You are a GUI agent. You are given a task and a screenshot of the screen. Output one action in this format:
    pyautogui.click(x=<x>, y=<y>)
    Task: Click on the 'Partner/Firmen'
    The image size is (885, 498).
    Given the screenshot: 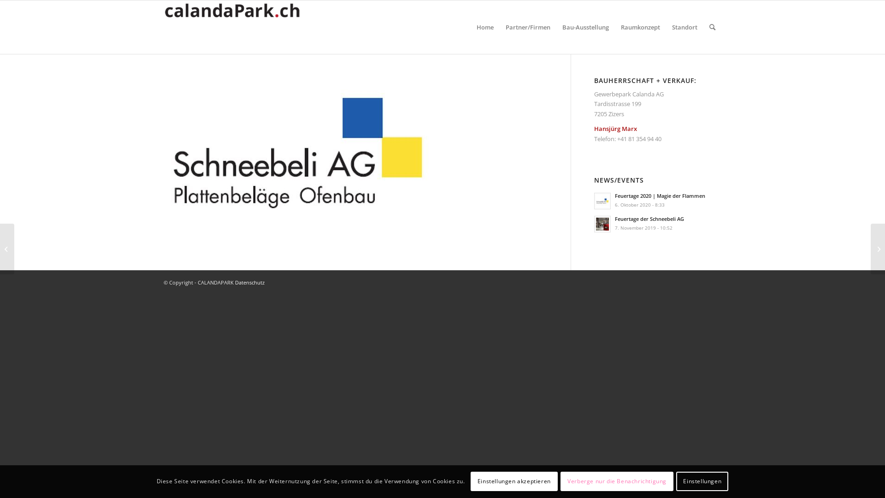 What is the action you would take?
    pyautogui.click(x=499, y=26)
    